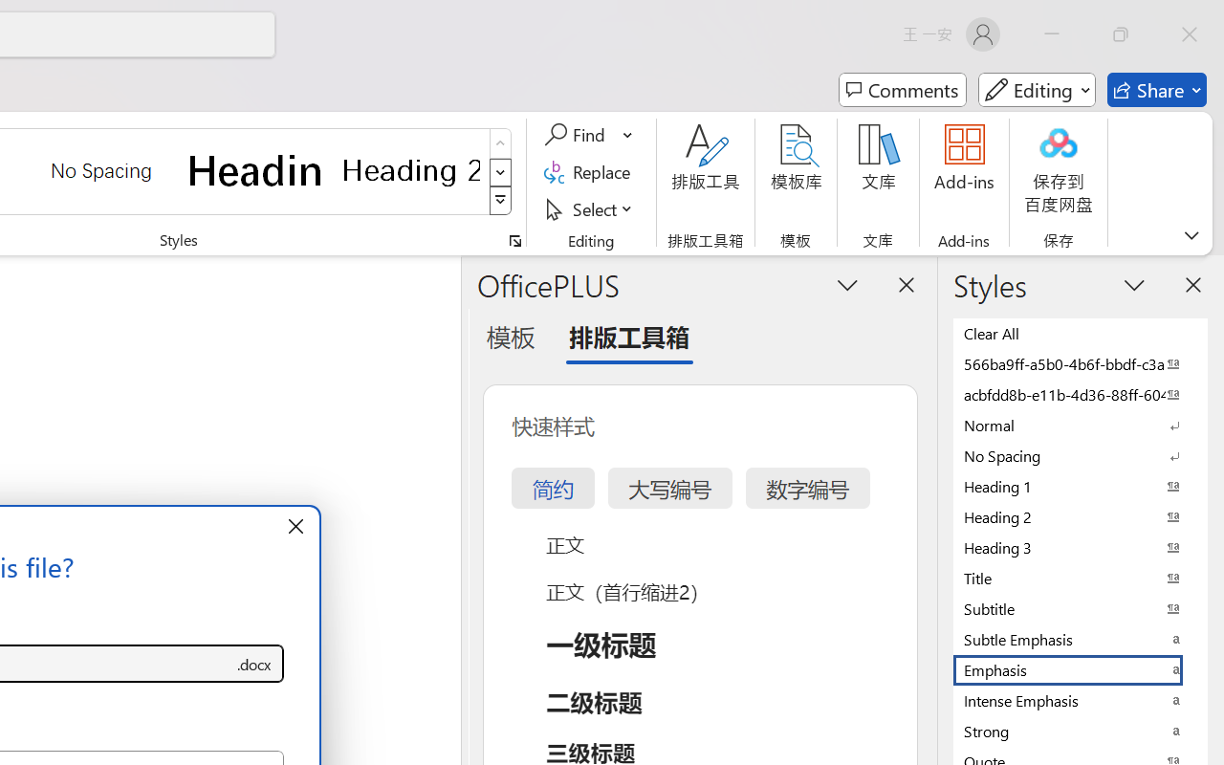  Describe the element at coordinates (590, 208) in the screenshot. I see `'Select'` at that location.